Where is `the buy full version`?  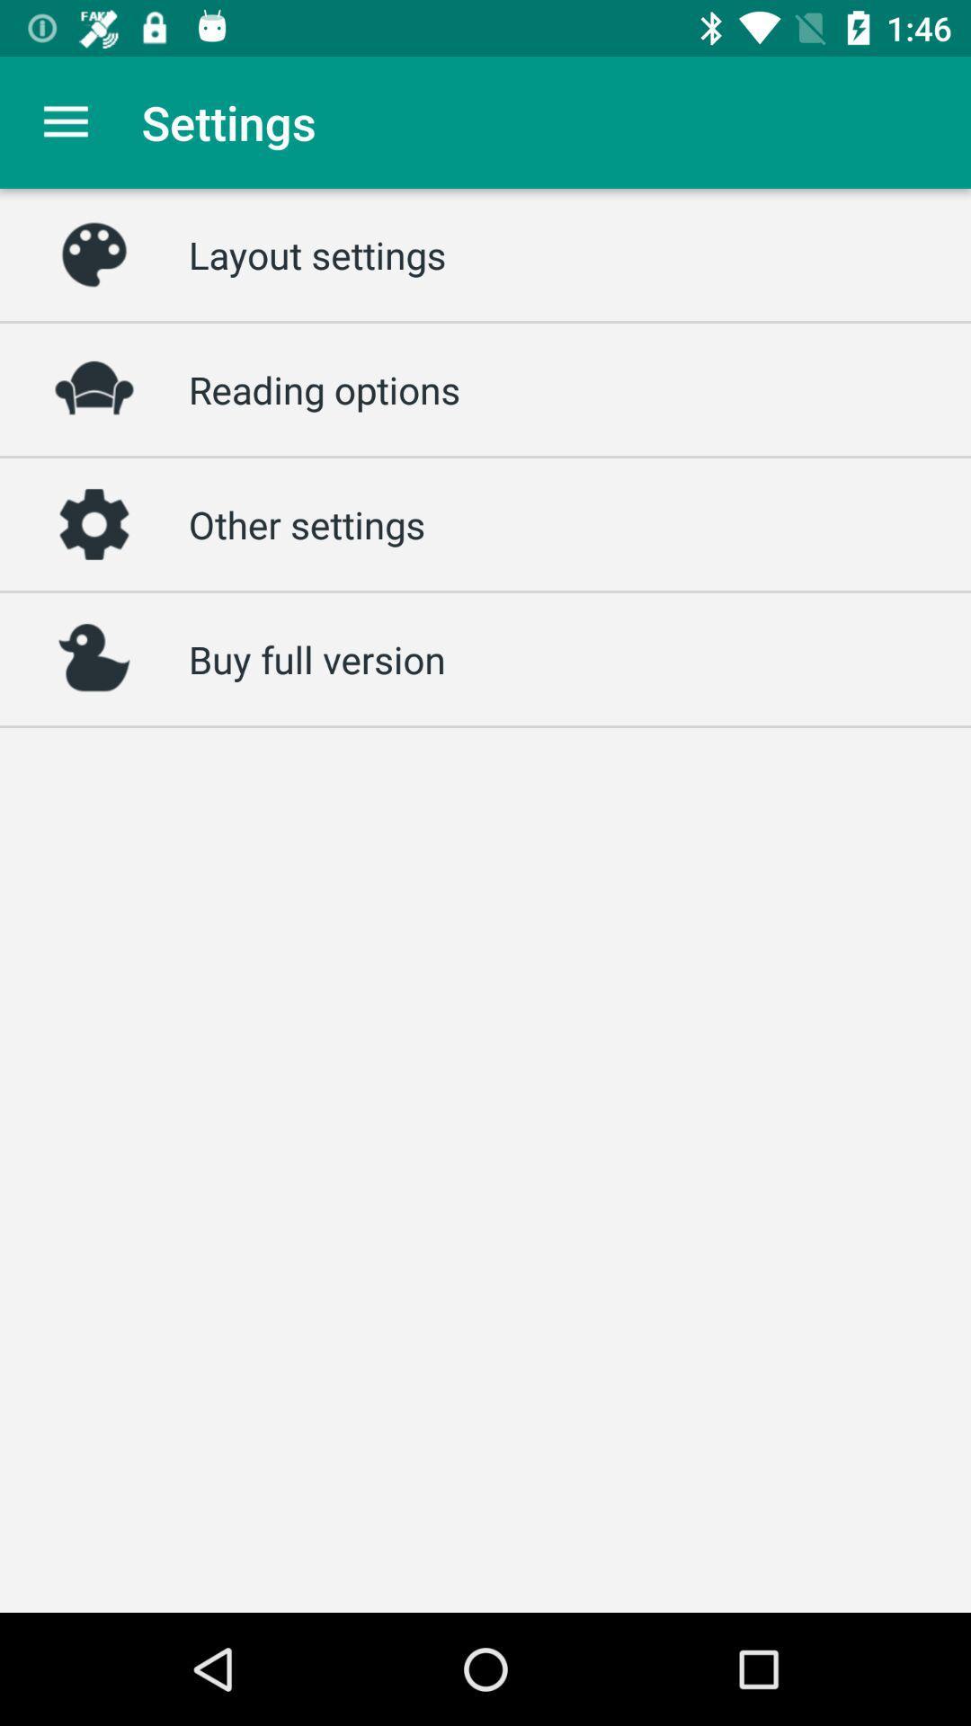 the buy full version is located at coordinates (316, 658).